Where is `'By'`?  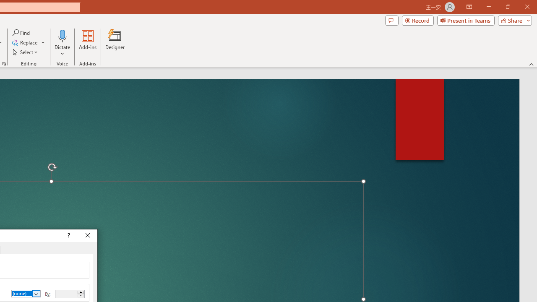
'By' is located at coordinates (70, 294).